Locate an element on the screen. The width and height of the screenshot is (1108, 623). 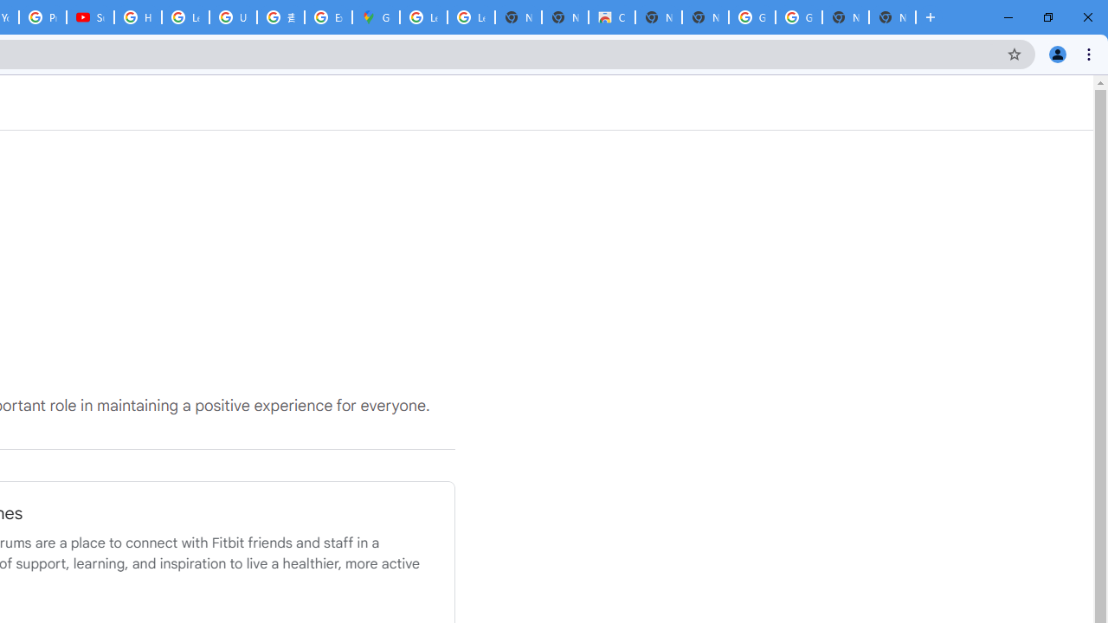
'Subscriptions - YouTube' is located at coordinates (89, 17).